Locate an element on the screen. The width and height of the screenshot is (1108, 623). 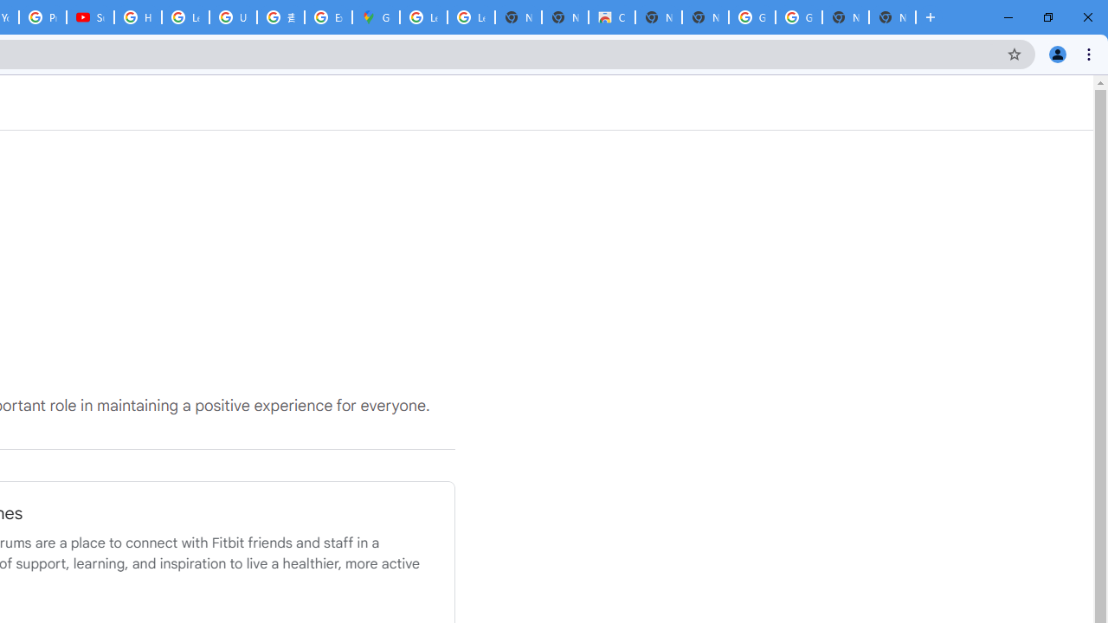
'Subscriptions - YouTube' is located at coordinates (89, 17).